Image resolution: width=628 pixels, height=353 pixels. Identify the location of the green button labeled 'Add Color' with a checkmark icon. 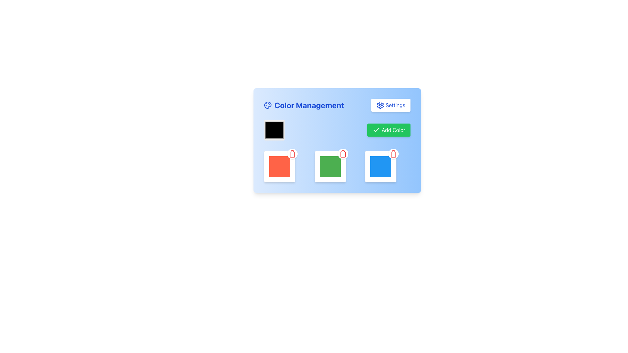
(389, 130).